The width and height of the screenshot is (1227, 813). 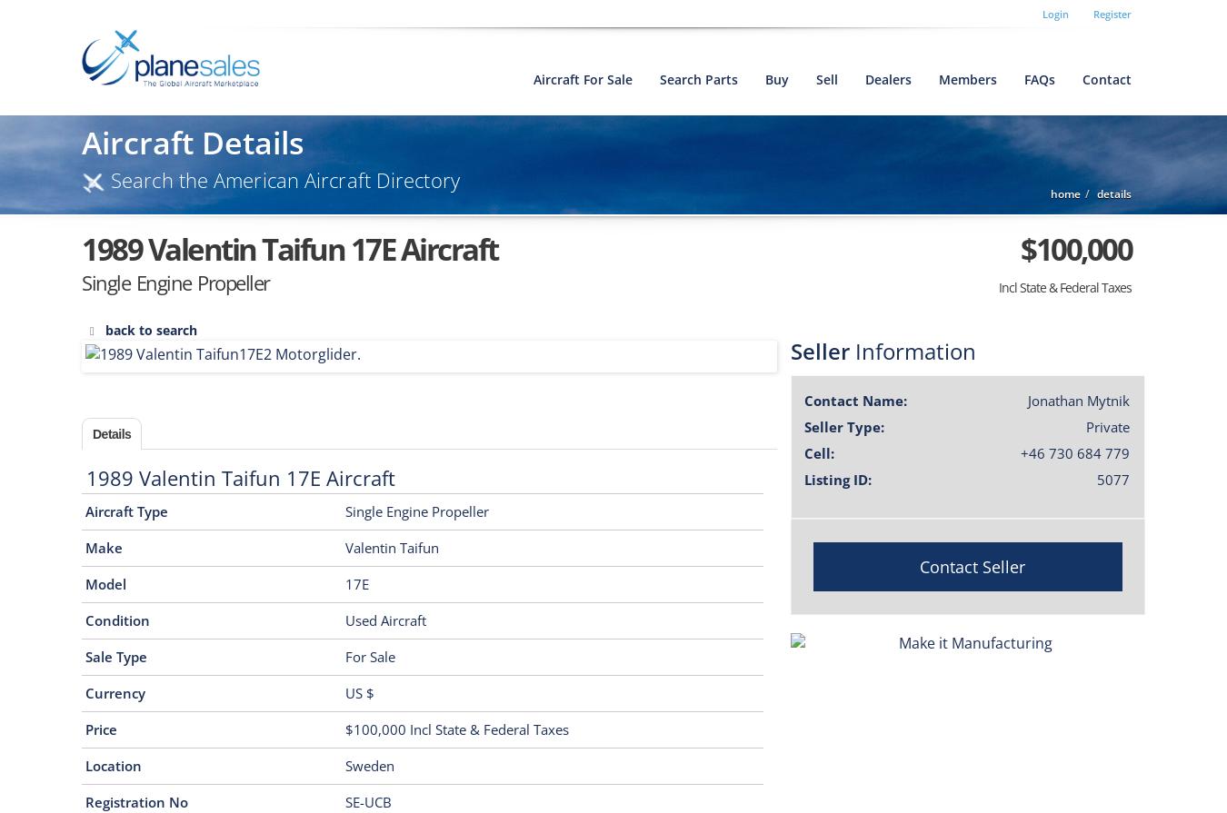 I want to click on '+46 730 684 779', so click(x=1074, y=451).